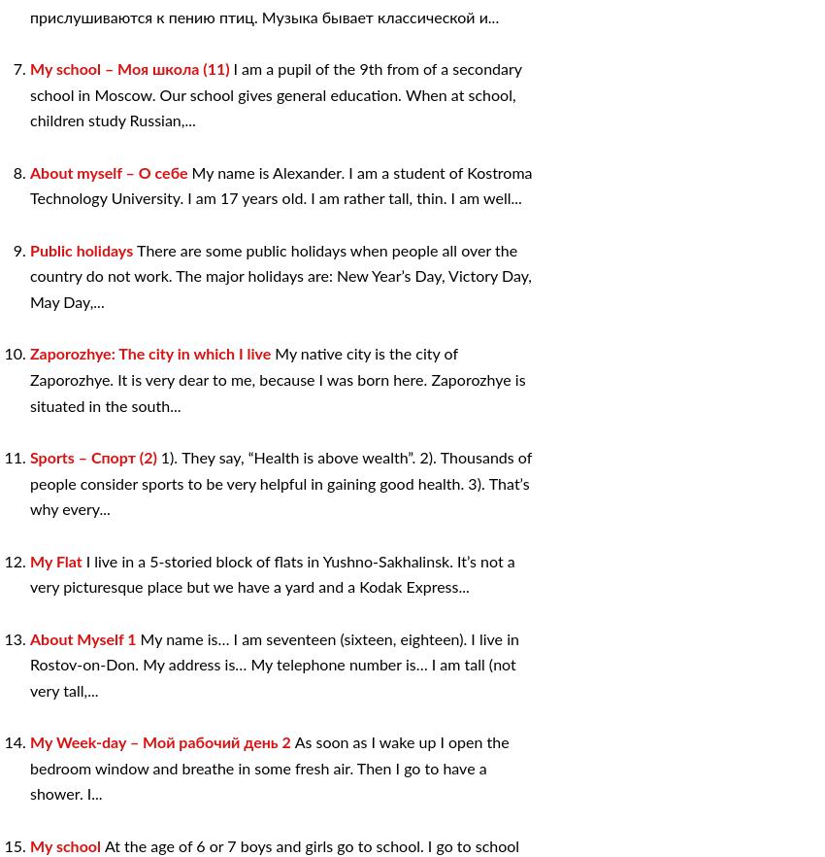 The height and width of the screenshot is (857, 825). I want to click on 'There are some public holidays when people all over the country do not work. The major holidays are: New Year’s Day, Victory Day, May Day,...', so click(29, 276).